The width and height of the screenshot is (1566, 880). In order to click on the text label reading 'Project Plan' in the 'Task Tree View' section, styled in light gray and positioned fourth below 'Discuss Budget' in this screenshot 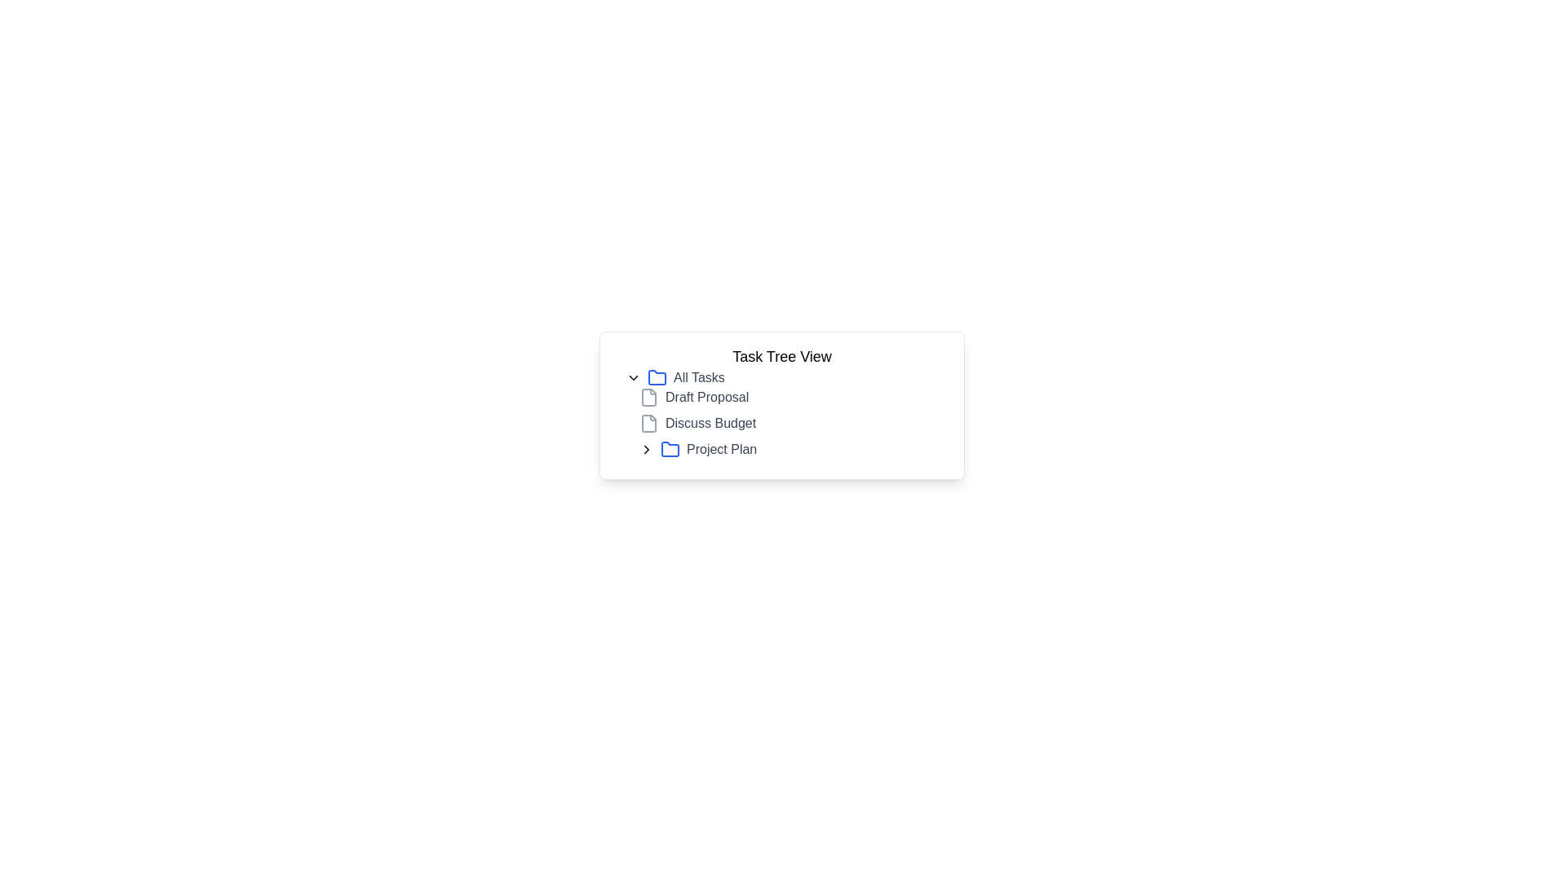, I will do `click(721, 449)`.